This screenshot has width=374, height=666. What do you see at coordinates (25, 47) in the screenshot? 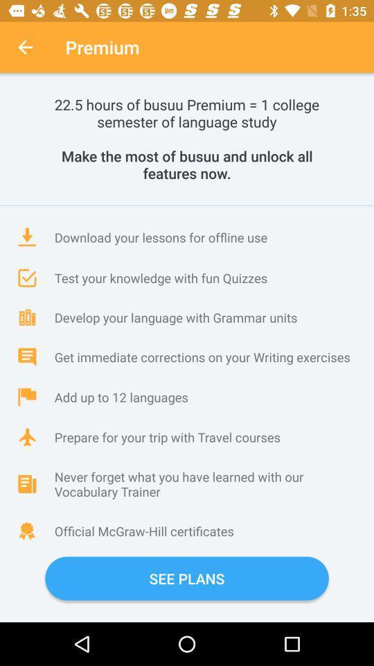
I see `icon above 22 5 hours` at bounding box center [25, 47].